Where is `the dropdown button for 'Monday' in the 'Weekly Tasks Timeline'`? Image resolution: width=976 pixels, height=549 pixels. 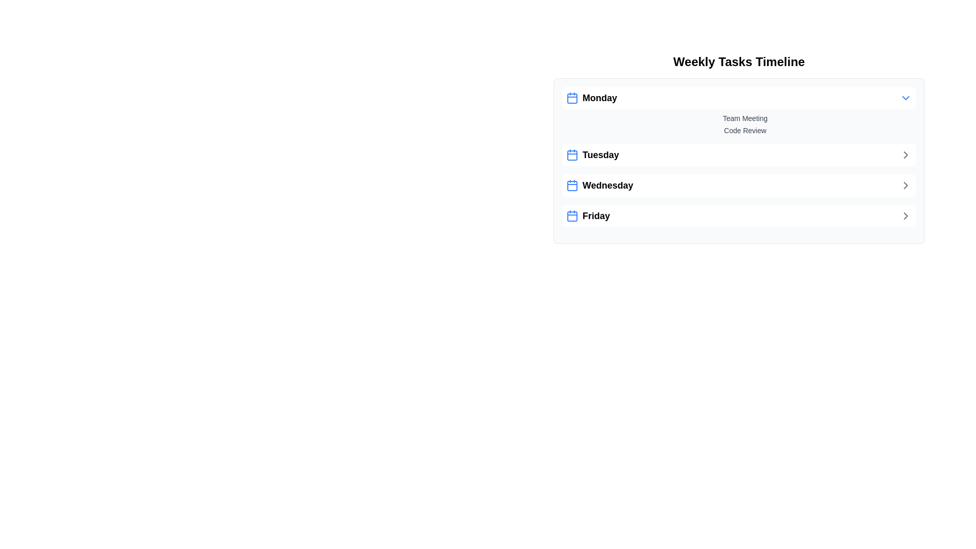
the dropdown button for 'Monday' in the 'Weekly Tasks Timeline' is located at coordinates (739, 98).